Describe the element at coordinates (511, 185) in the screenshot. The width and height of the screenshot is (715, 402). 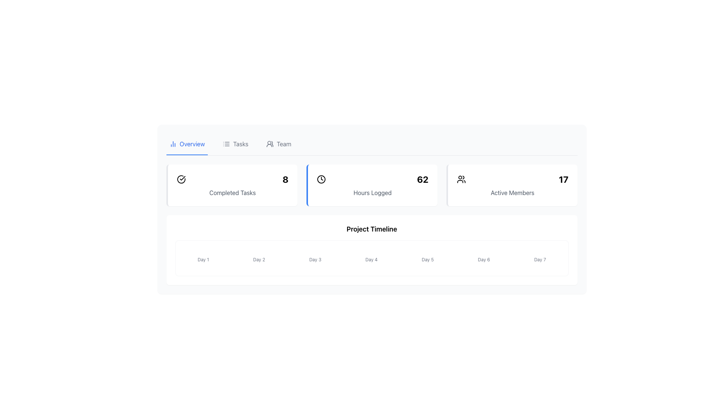
I see `the informational card displaying the number of active members` at that location.